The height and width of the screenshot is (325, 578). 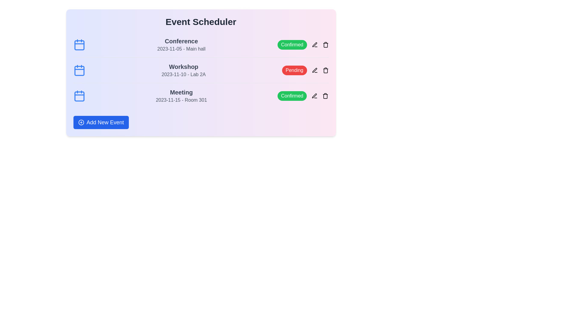 What do you see at coordinates (81, 122) in the screenshot?
I see `the SVG circle element that visually represents the 'Add' action, located to the left within the 'Add New Event' button at the bottom of the event list interface` at bounding box center [81, 122].